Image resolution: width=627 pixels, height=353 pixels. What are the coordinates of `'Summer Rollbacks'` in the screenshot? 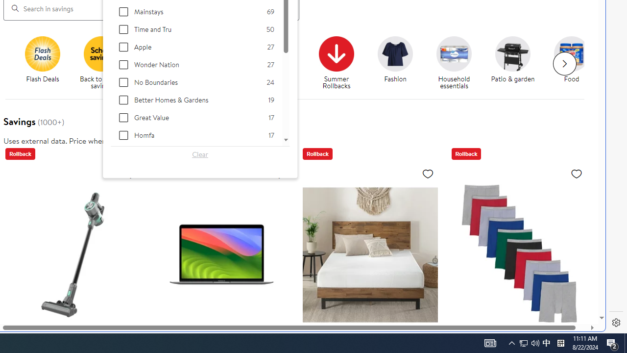 It's located at (337, 53).